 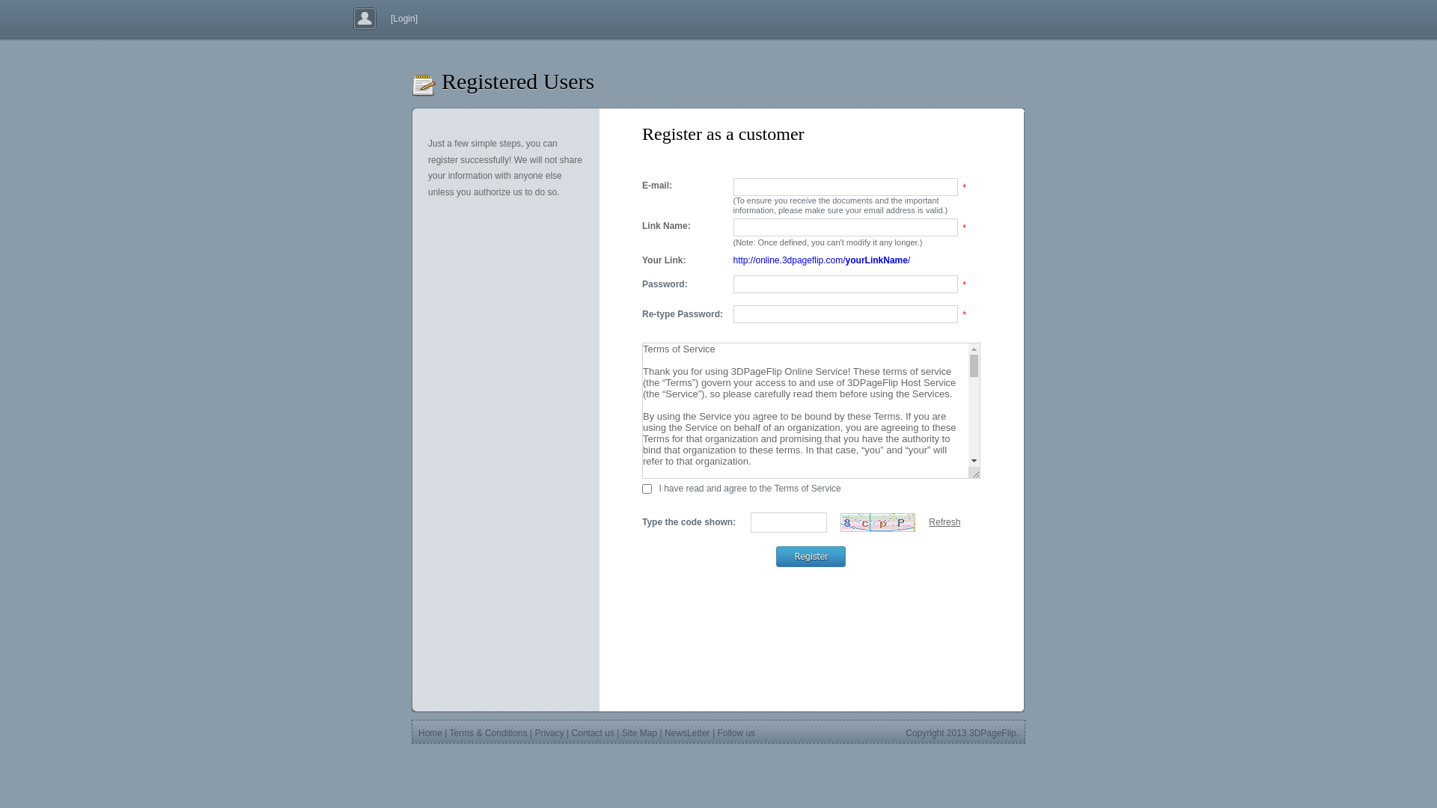 What do you see at coordinates (400, 18) in the screenshot?
I see `'   [Login]'` at bounding box center [400, 18].